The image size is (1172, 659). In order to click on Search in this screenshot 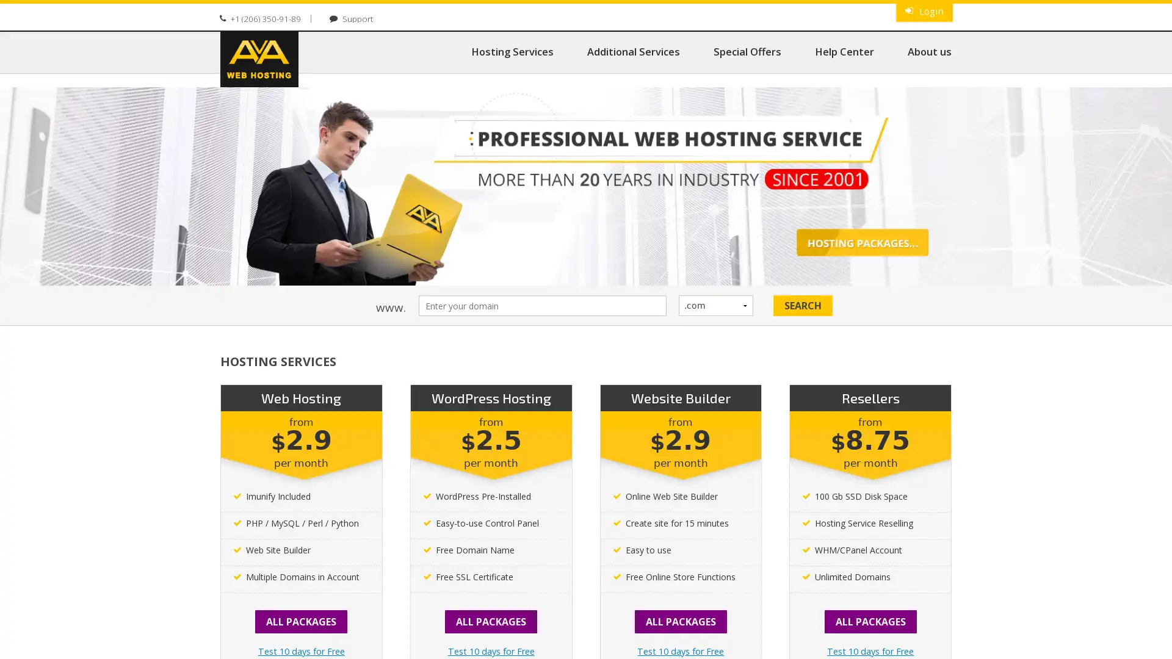, I will do `click(803, 305)`.